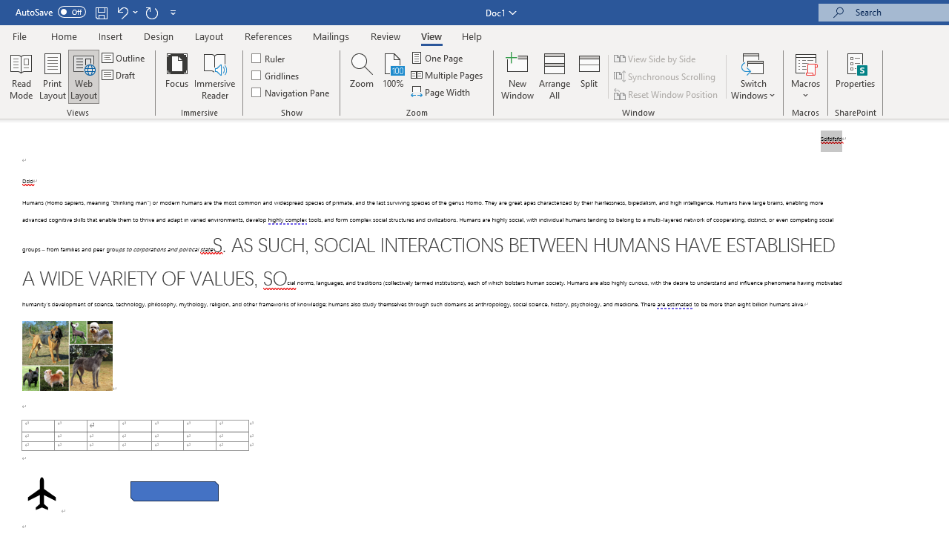  Describe the element at coordinates (66, 355) in the screenshot. I see `'Morphological variation in six dogs'` at that location.